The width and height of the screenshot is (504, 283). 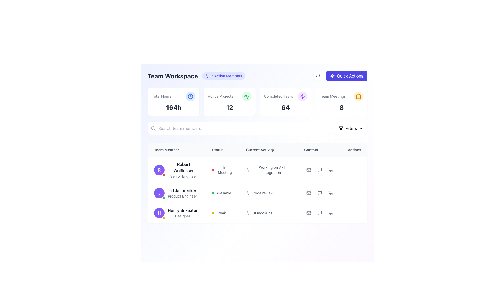 What do you see at coordinates (223, 213) in the screenshot?
I see `the Status indicator for 'Henry Silkeater, Designer', which conveys the current status of the team member as 'Break'` at bounding box center [223, 213].